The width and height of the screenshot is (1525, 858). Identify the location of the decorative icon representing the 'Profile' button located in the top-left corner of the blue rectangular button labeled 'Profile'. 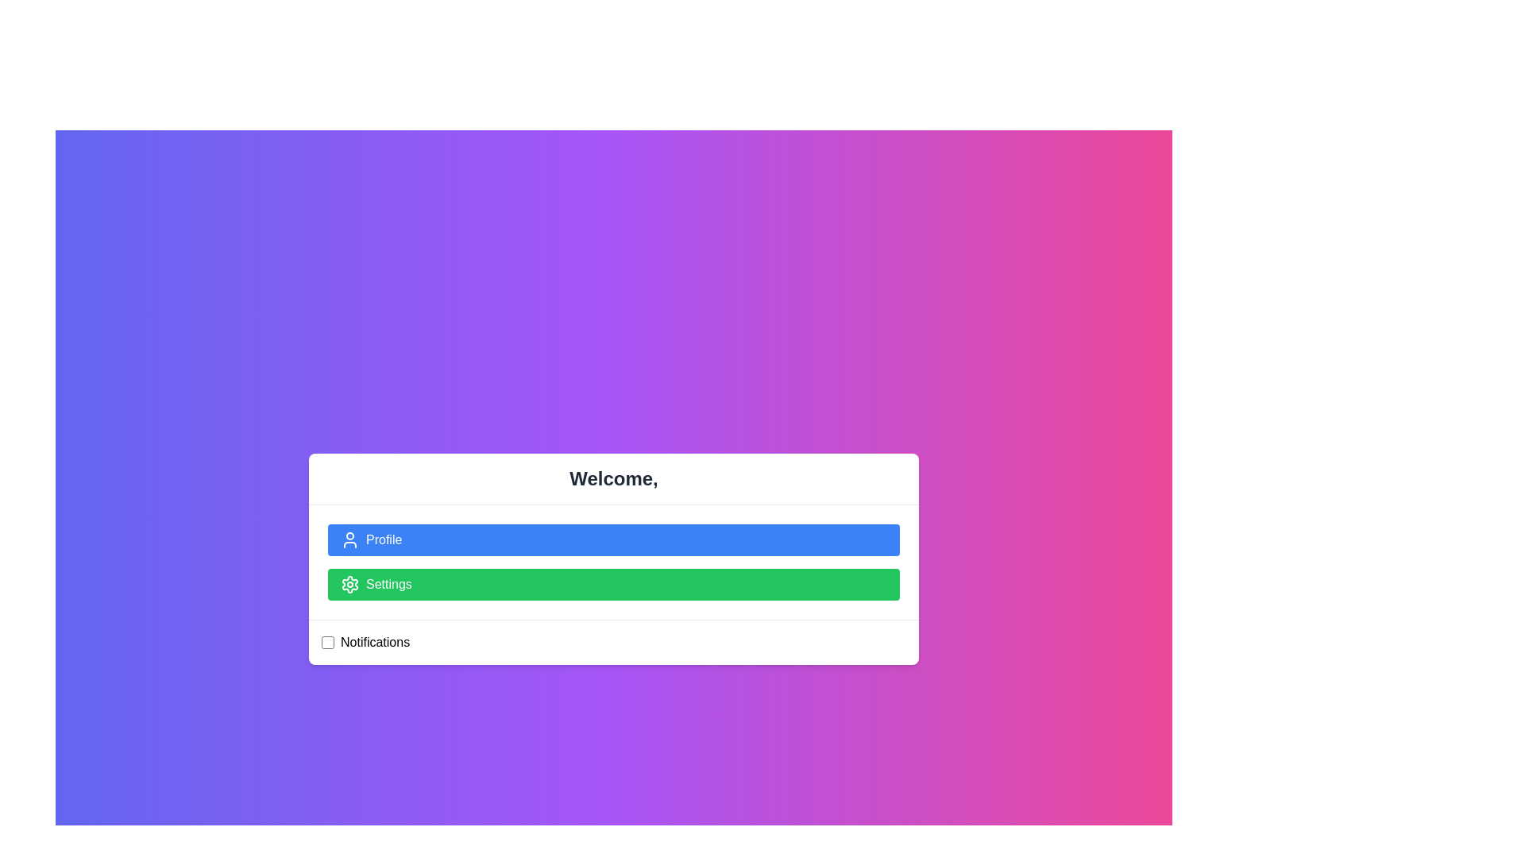
(349, 539).